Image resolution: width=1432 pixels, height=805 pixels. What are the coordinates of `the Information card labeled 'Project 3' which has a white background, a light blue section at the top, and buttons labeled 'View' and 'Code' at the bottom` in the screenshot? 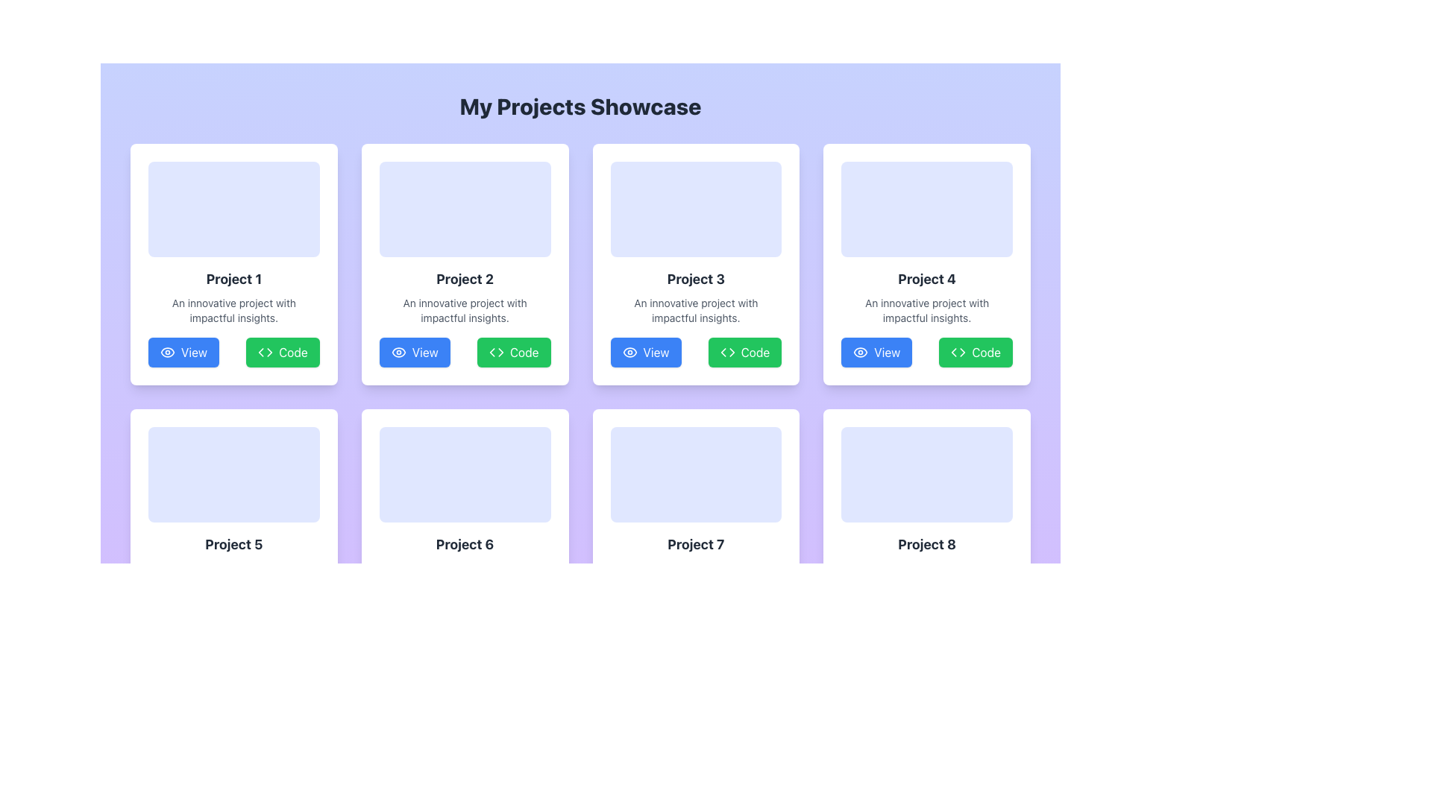 It's located at (695, 263).